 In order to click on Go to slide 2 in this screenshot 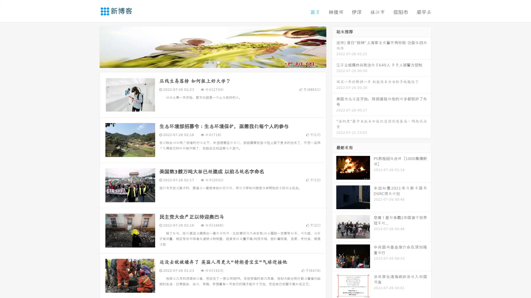, I will do `click(212, 62)`.